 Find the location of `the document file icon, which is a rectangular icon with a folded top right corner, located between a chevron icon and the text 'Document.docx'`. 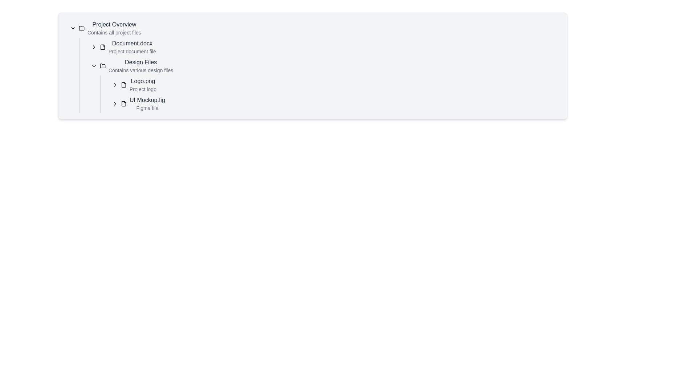

the document file icon, which is a rectangular icon with a folded top right corner, located between a chevron icon and the text 'Document.docx' is located at coordinates (102, 47).